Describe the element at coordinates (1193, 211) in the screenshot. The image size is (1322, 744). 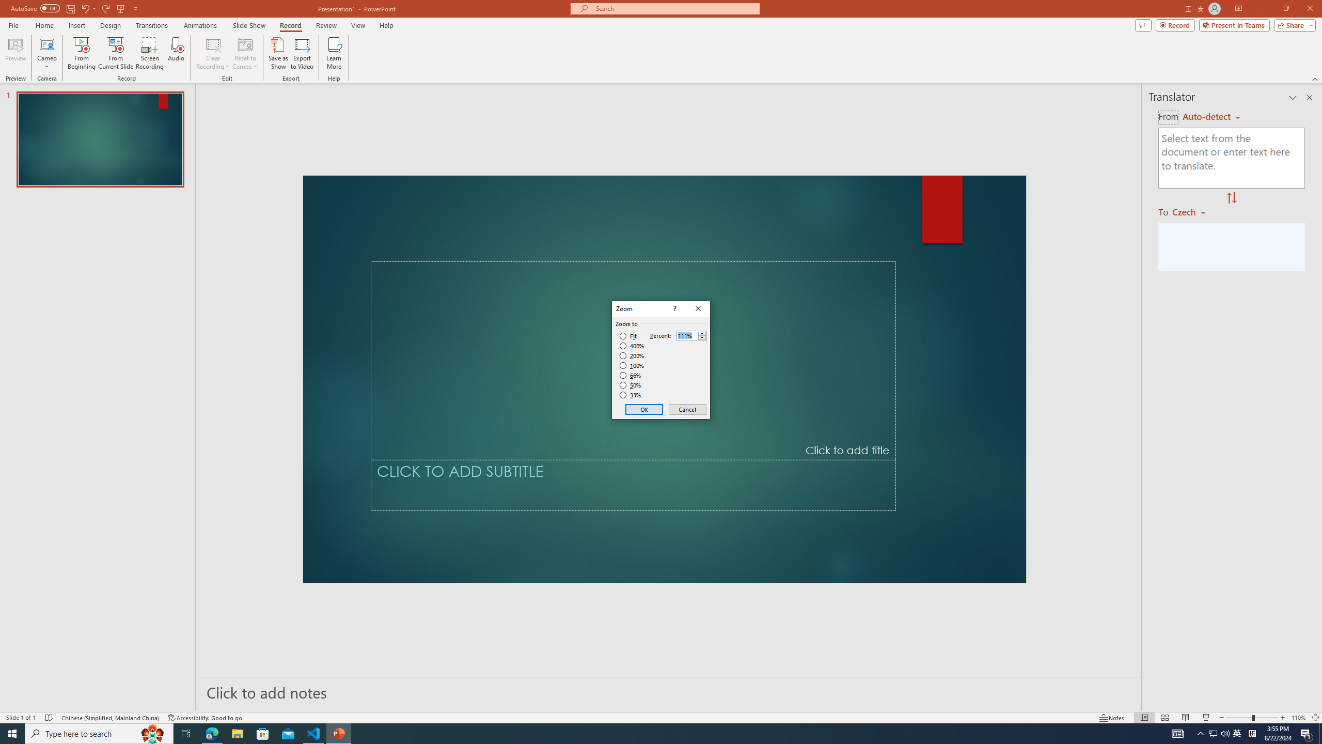
I see `'Czech'` at that location.